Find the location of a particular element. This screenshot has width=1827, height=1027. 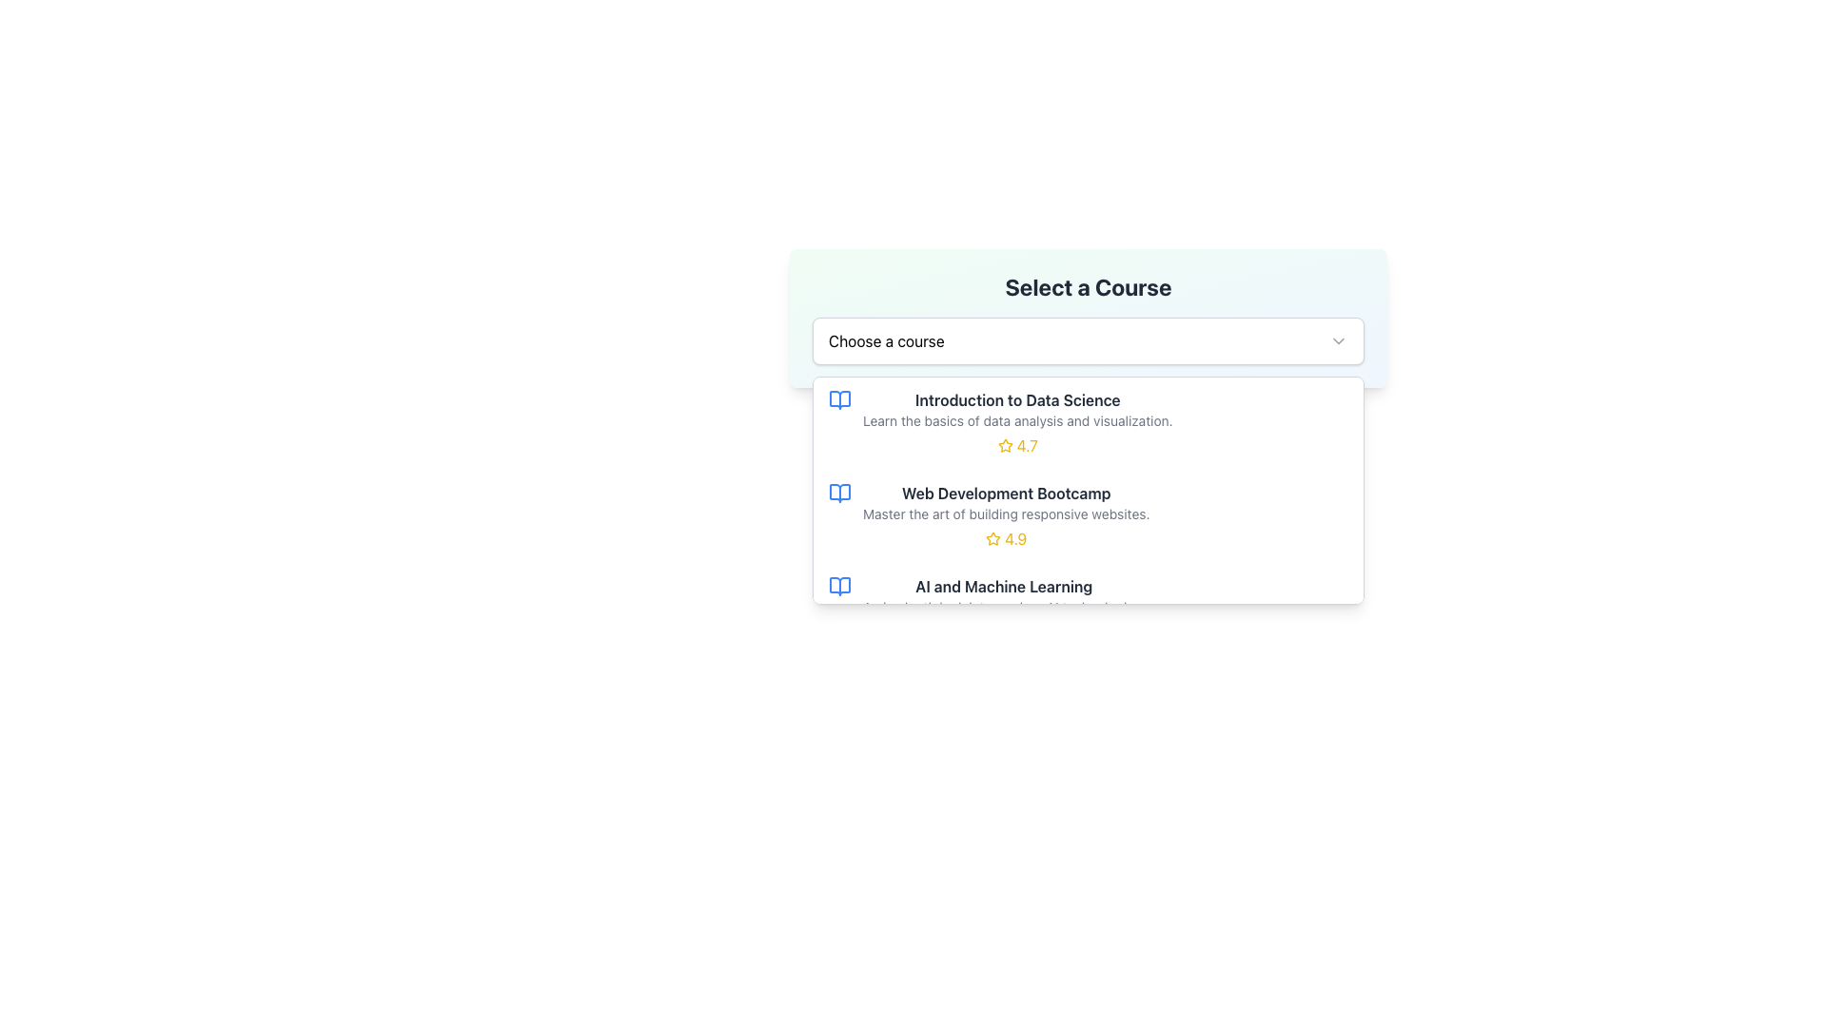

the dropdown menu labeled 'Choose a course' is located at coordinates (1088, 339).